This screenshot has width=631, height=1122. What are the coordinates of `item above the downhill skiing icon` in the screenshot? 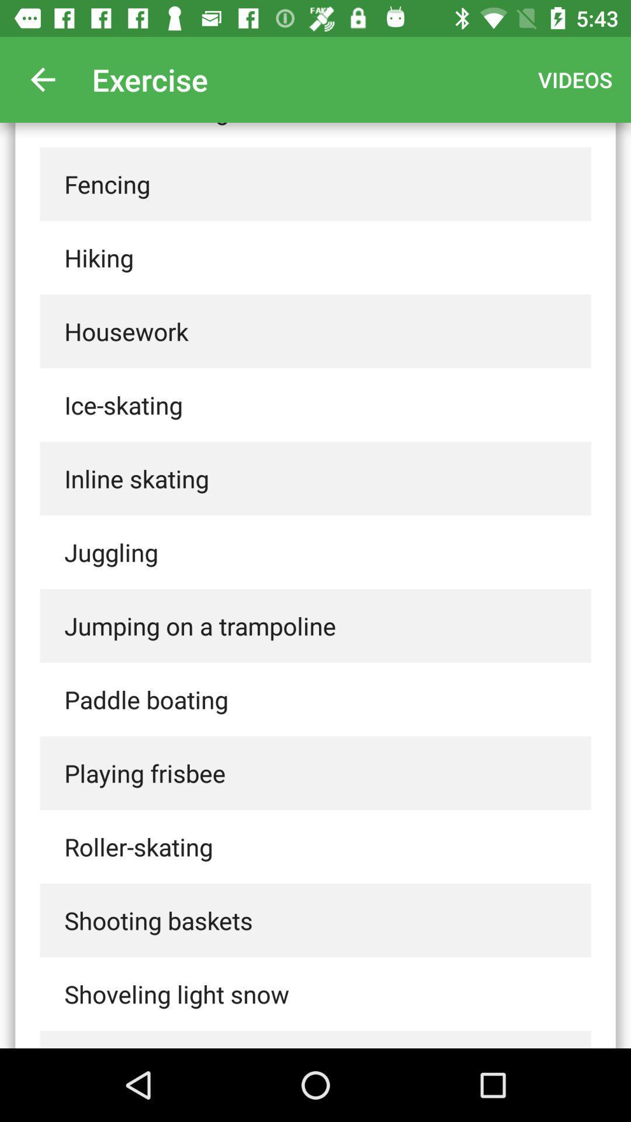 It's located at (42, 79).